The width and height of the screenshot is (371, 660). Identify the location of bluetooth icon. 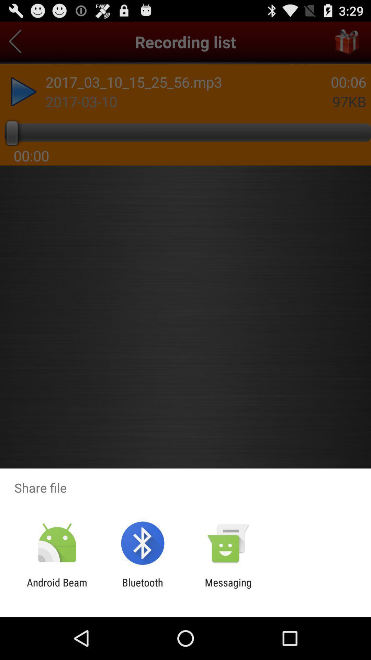
(142, 588).